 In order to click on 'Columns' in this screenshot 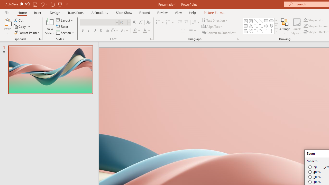, I will do `click(193, 31)`.